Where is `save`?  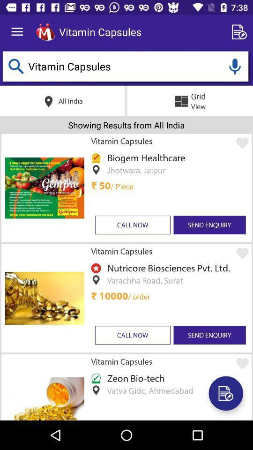
save is located at coordinates (225, 393).